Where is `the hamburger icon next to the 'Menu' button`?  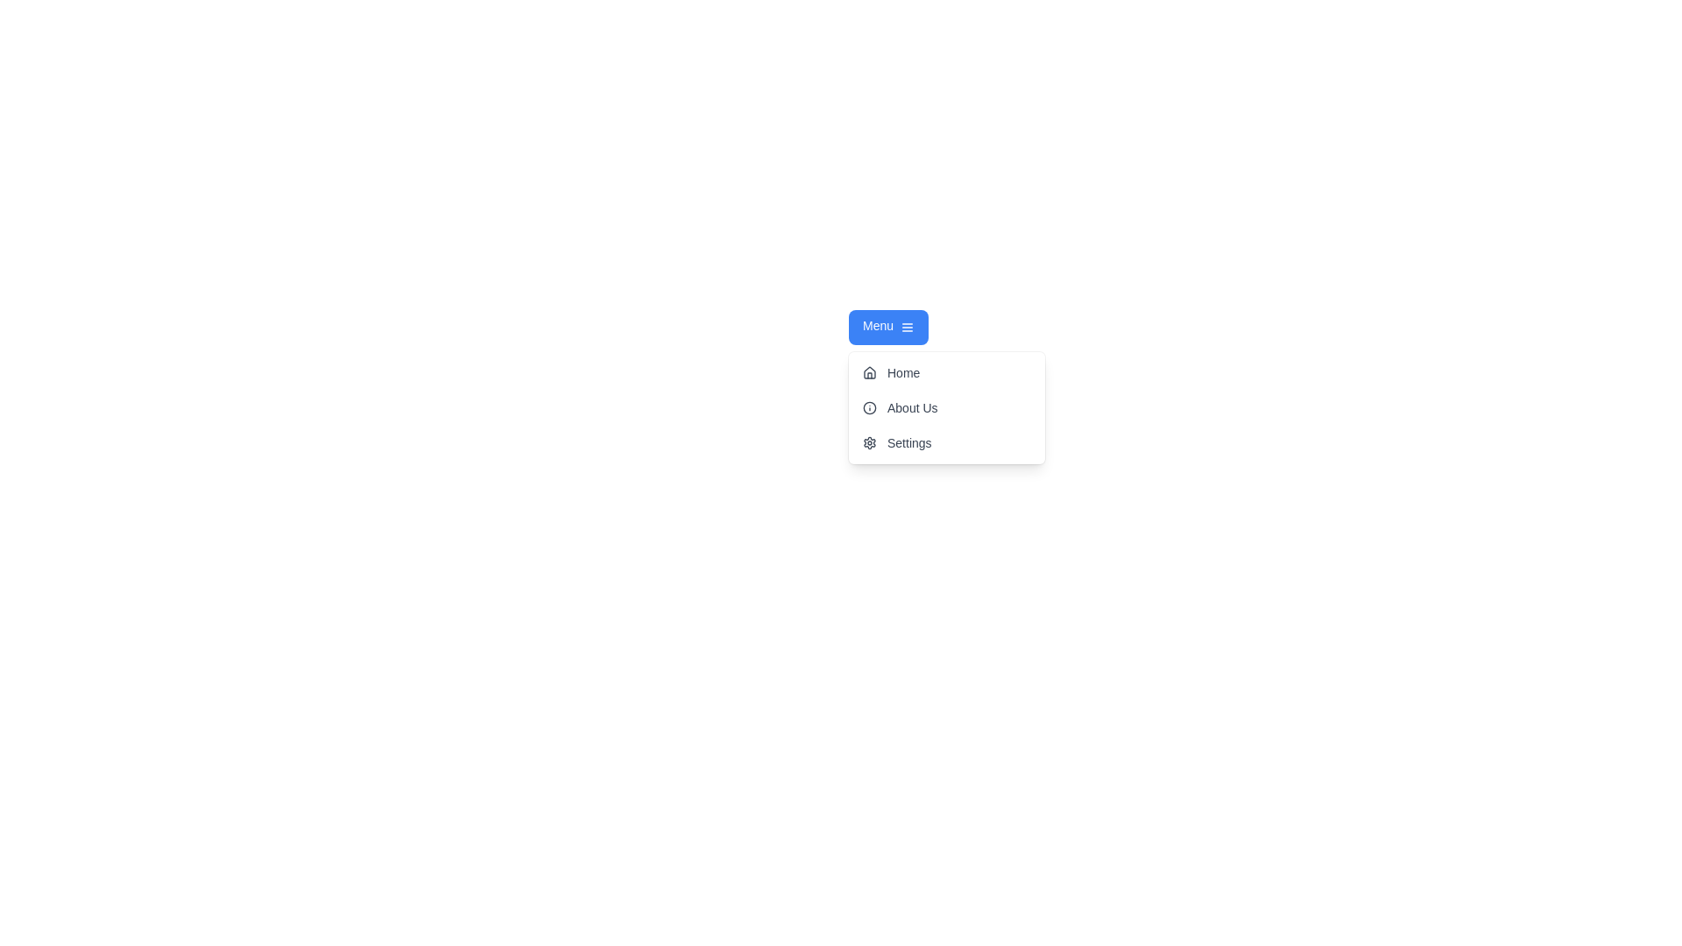 the hamburger icon next to the 'Menu' button is located at coordinates (908, 328).